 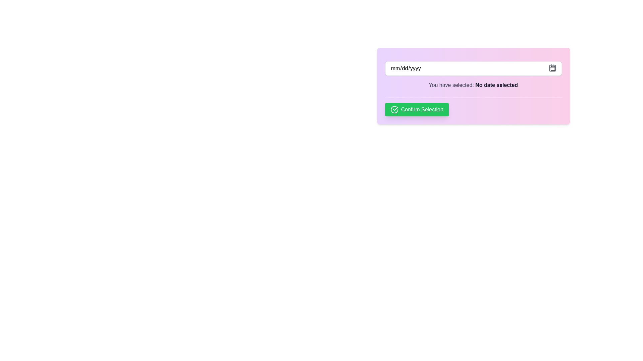 What do you see at coordinates (497, 85) in the screenshot?
I see `the text label displaying 'No date selected' that is bolded and dark gray, part of the phrase 'You have selected: No date selected', located beneath the date input field` at bounding box center [497, 85].